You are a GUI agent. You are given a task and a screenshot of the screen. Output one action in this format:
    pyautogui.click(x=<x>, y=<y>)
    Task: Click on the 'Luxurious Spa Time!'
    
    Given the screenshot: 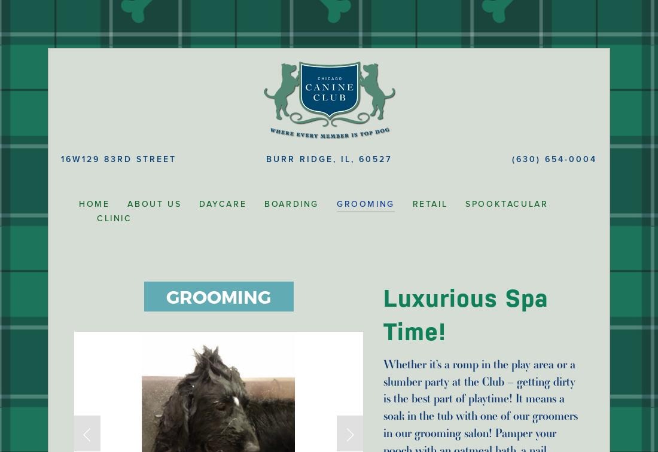 What is the action you would take?
    pyautogui.click(x=469, y=314)
    